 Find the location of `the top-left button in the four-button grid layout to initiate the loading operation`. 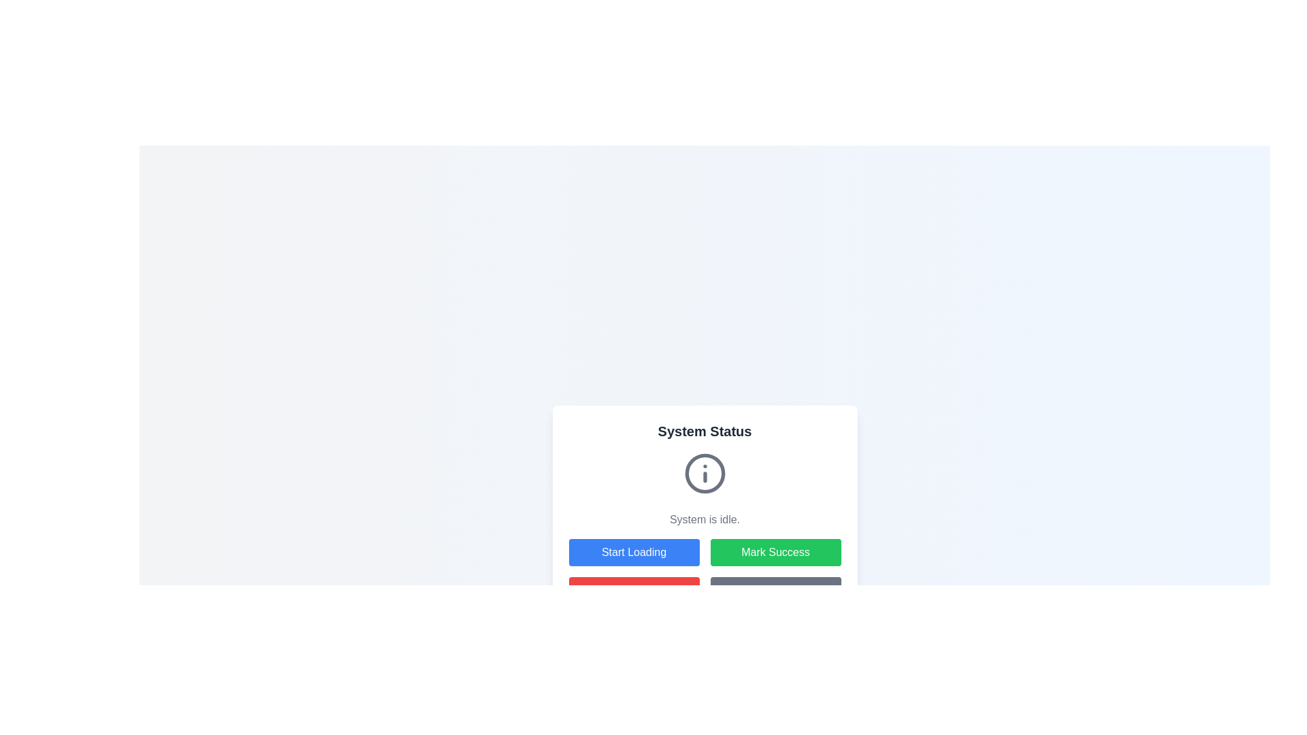

the top-left button in the four-button grid layout to initiate the loading operation is located at coordinates (633, 553).